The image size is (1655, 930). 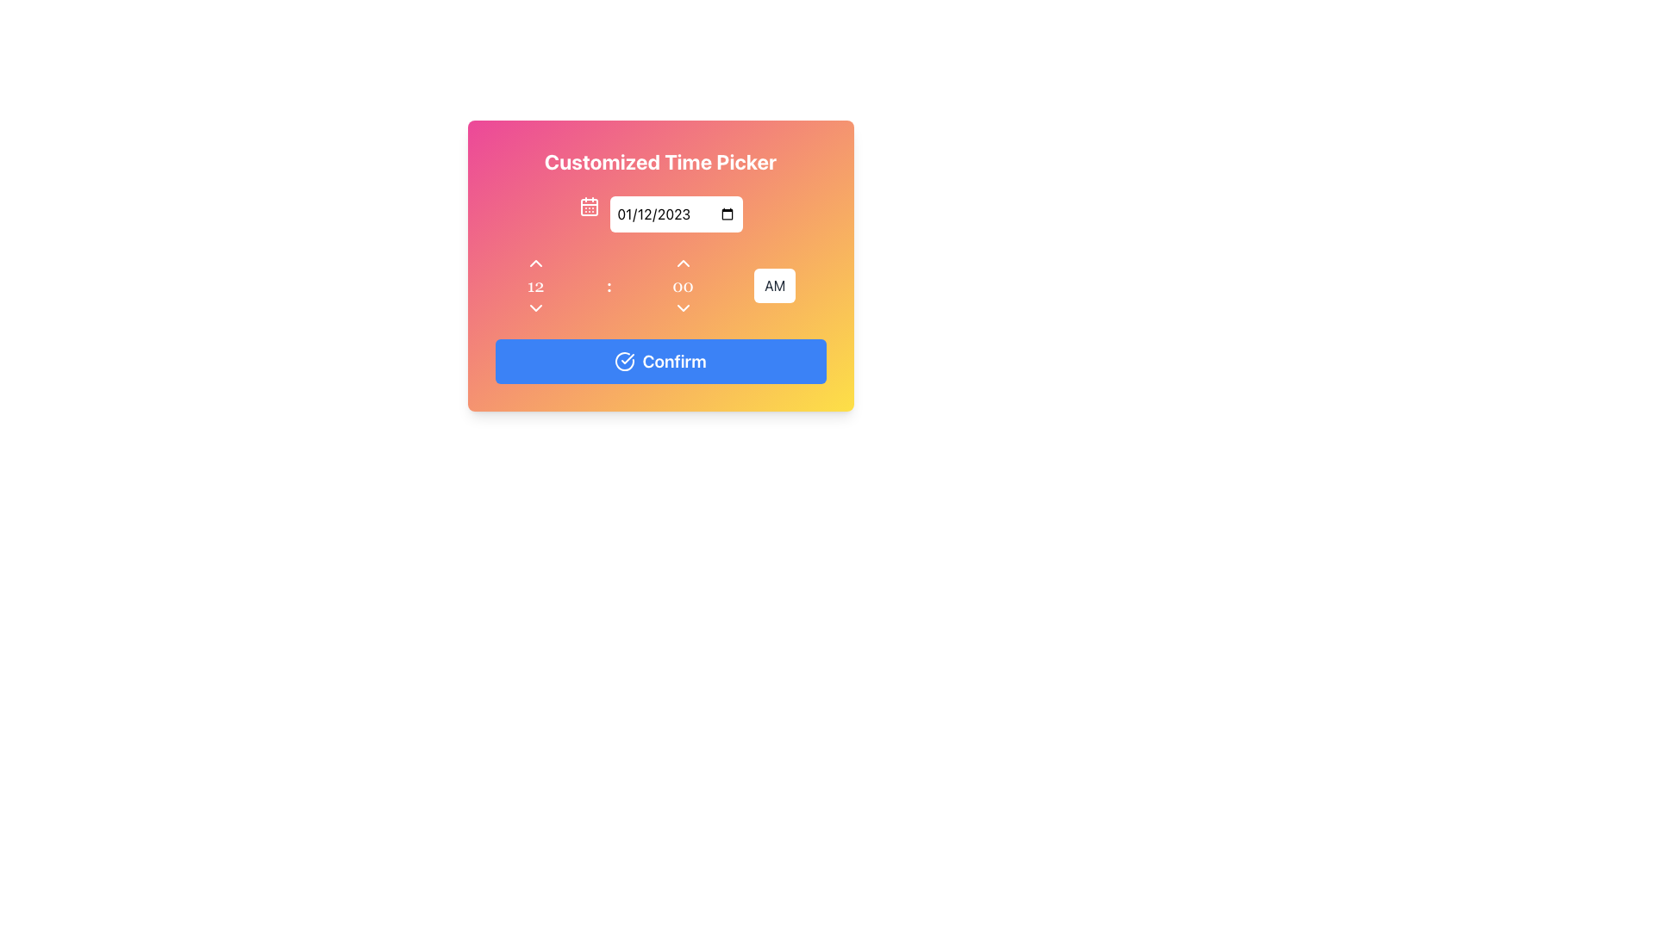 What do you see at coordinates (534, 263) in the screenshot?
I see `the upward-pointing triangular button with a red background located above the displayed time text '12' to increment the value` at bounding box center [534, 263].